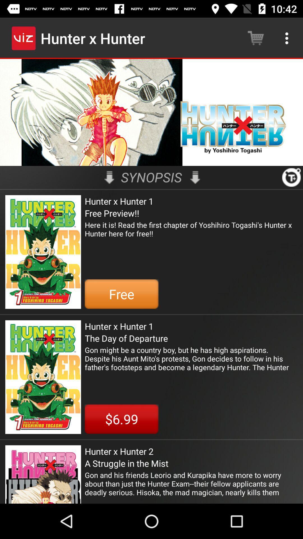 The image size is (303, 539). I want to click on icon to the right of the synopsis icon, so click(195, 177).